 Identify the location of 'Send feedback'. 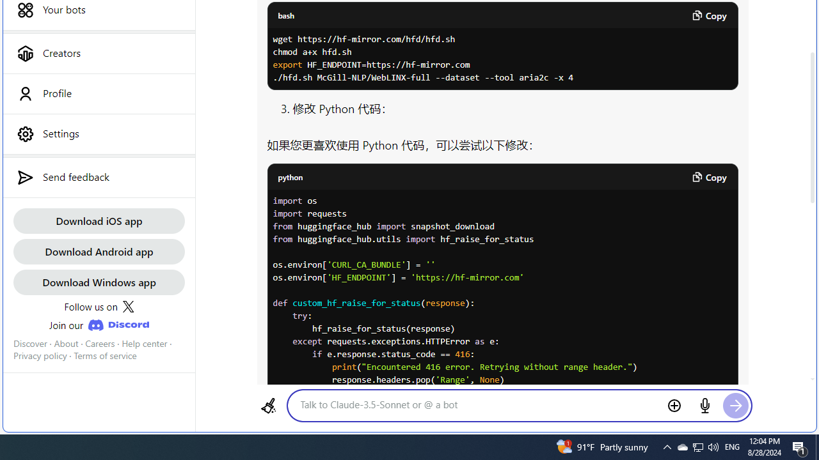
(98, 177).